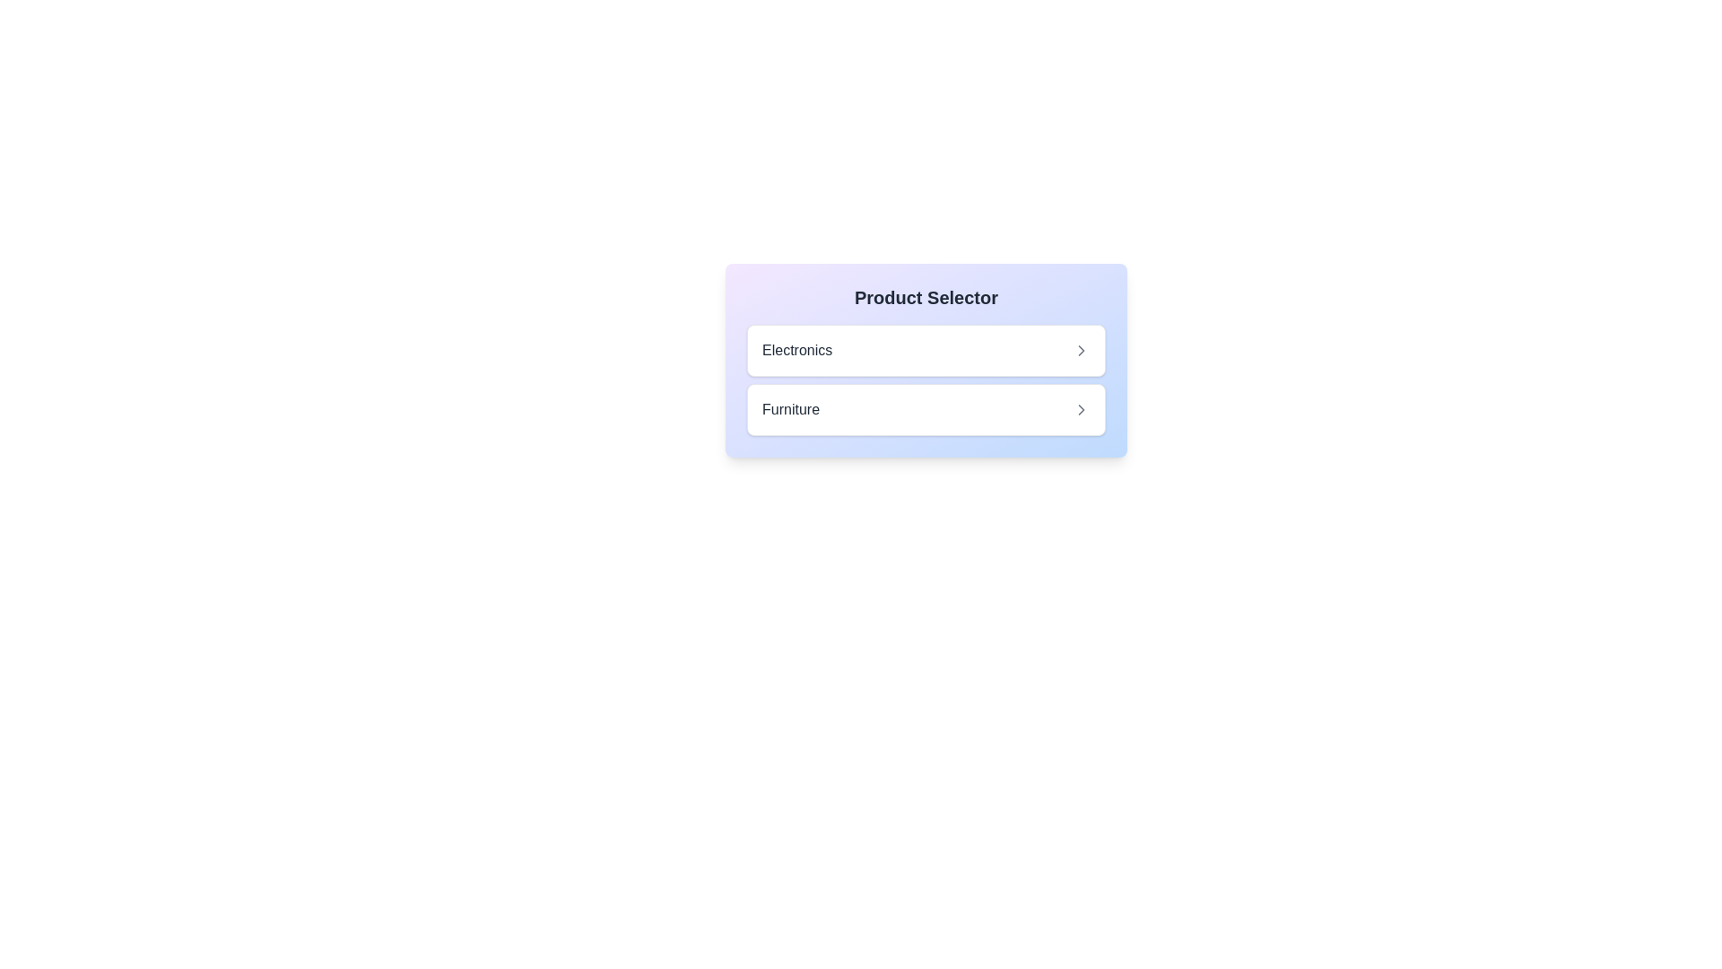 This screenshot has height=969, width=1722. Describe the element at coordinates (796, 350) in the screenshot. I see `the 'Electronics' category label element` at that location.